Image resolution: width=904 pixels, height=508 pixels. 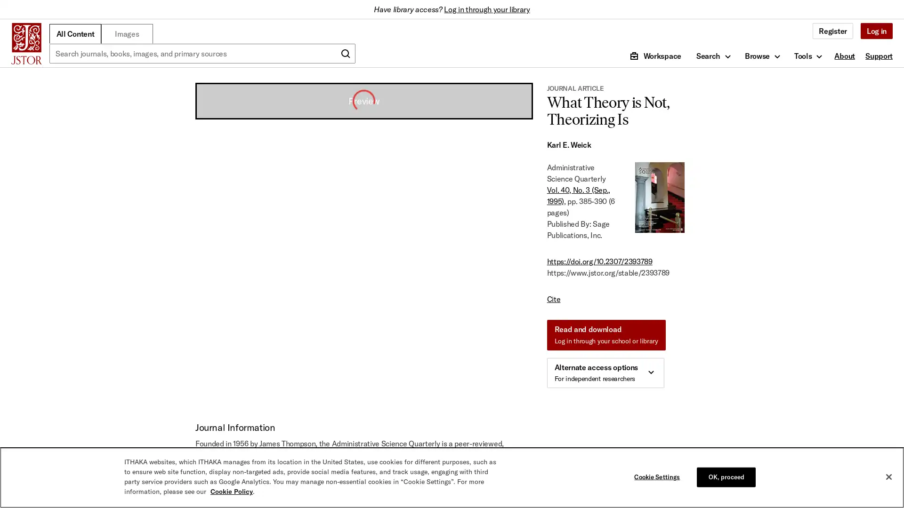 What do you see at coordinates (832, 30) in the screenshot?
I see `Register` at bounding box center [832, 30].